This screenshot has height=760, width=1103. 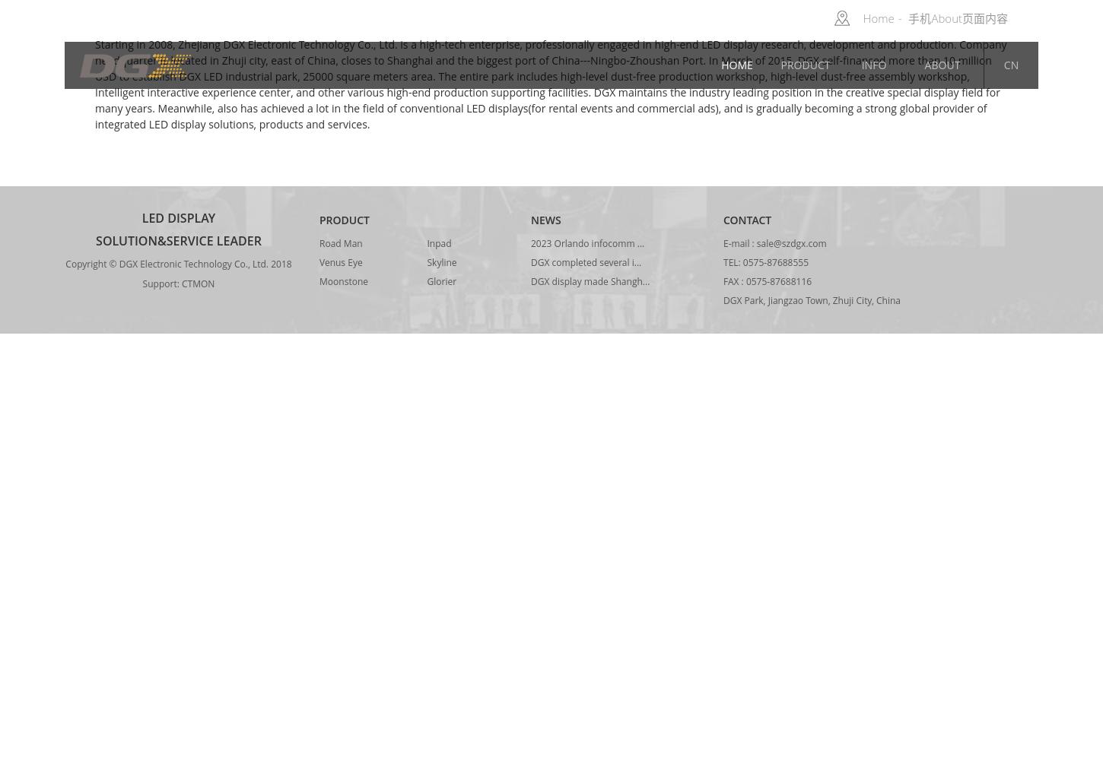 I want to click on 'Glorier', so click(x=427, y=280).